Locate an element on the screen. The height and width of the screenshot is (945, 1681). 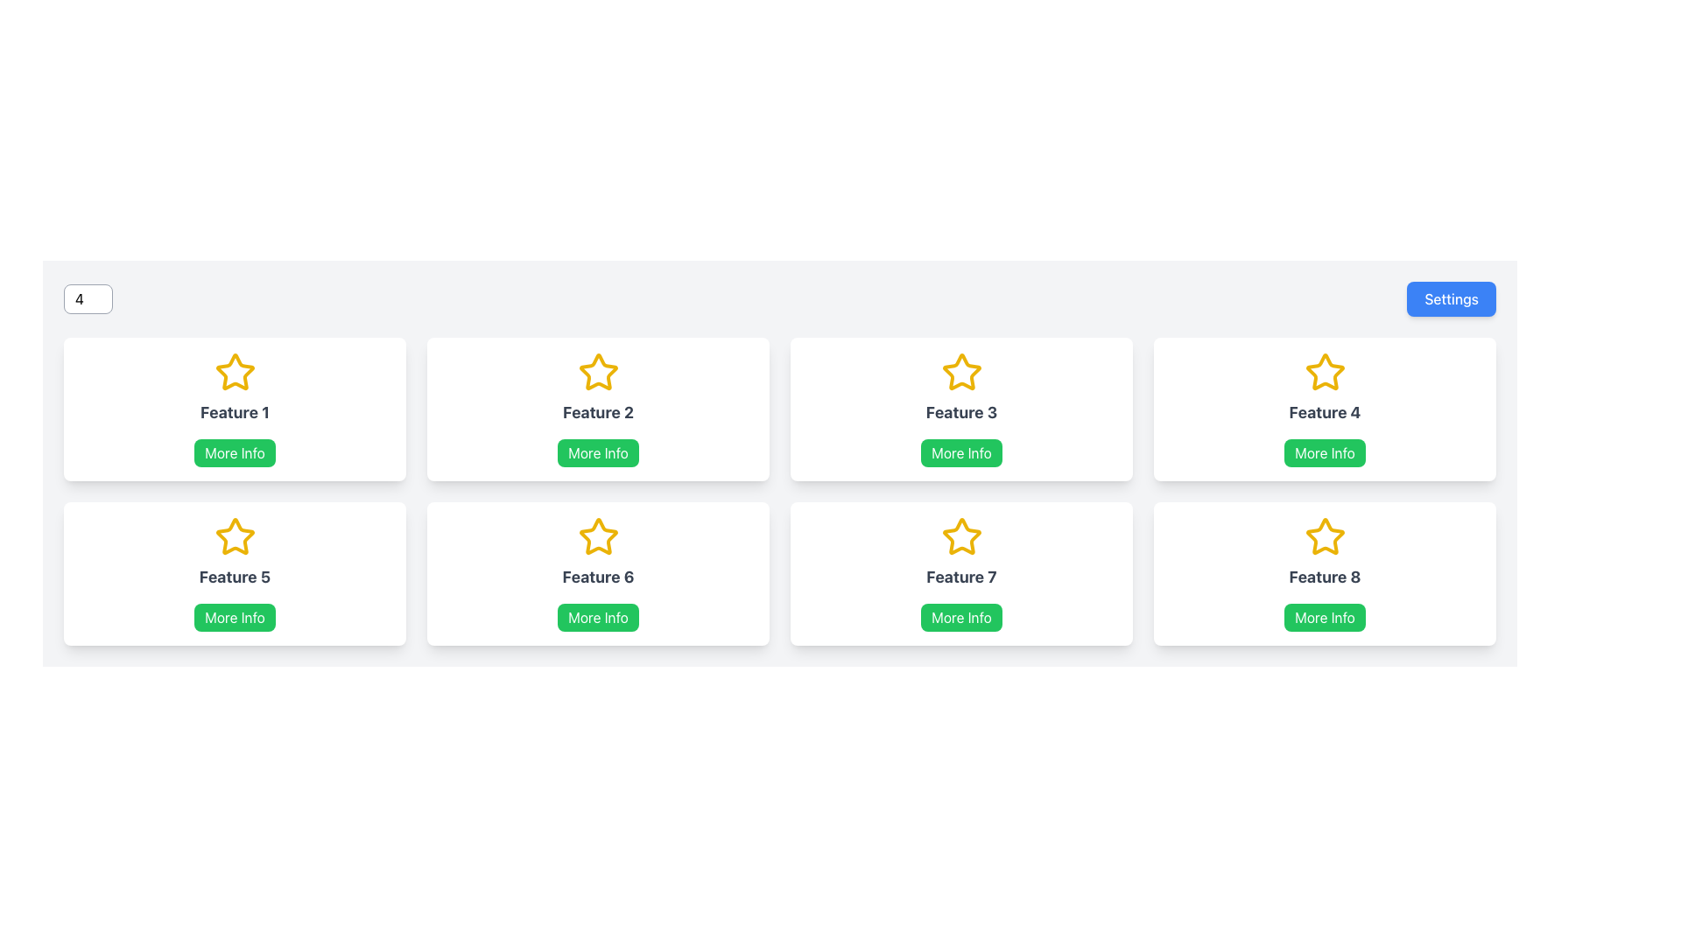
the 'More Info' button with a green background and white text located below the 'Feature 2' heading is located at coordinates (598, 451).